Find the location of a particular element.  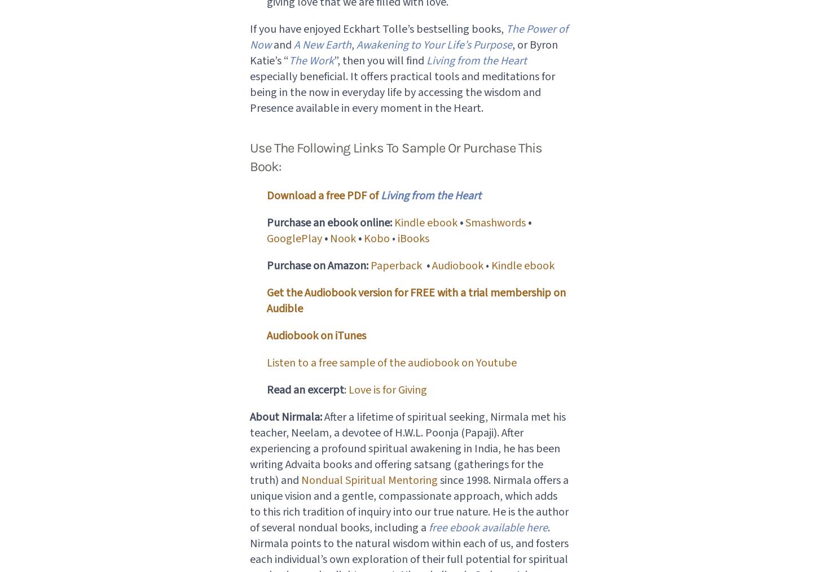

'iBooks' is located at coordinates (412, 238).